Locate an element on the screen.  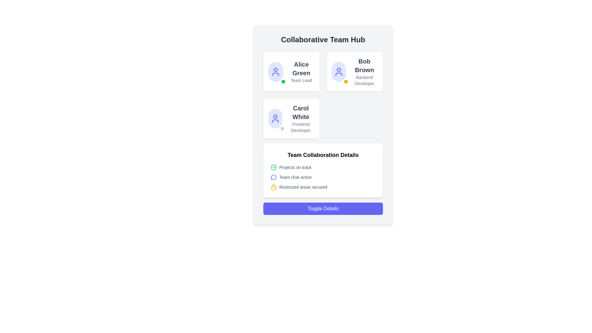
the text element that indicates 'Team Lead' position of 'Alice Green', which is located directly below the name in the panel is located at coordinates (301, 80).